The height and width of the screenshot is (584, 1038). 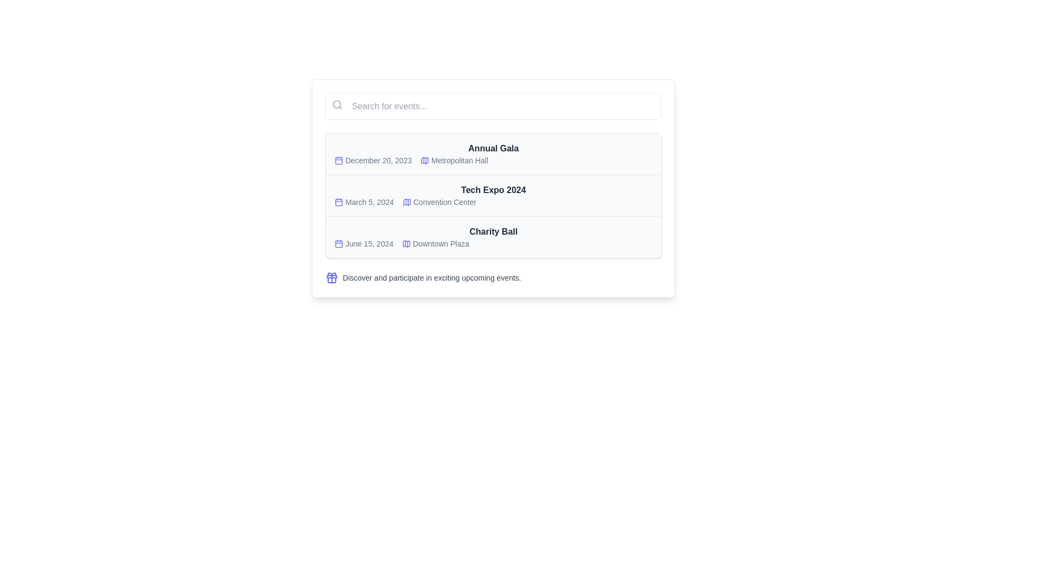 What do you see at coordinates (331, 277) in the screenshot?
I see `the decorative icon located on the left side of the text segment that describes participating in events` at bounding box center [331, 277].